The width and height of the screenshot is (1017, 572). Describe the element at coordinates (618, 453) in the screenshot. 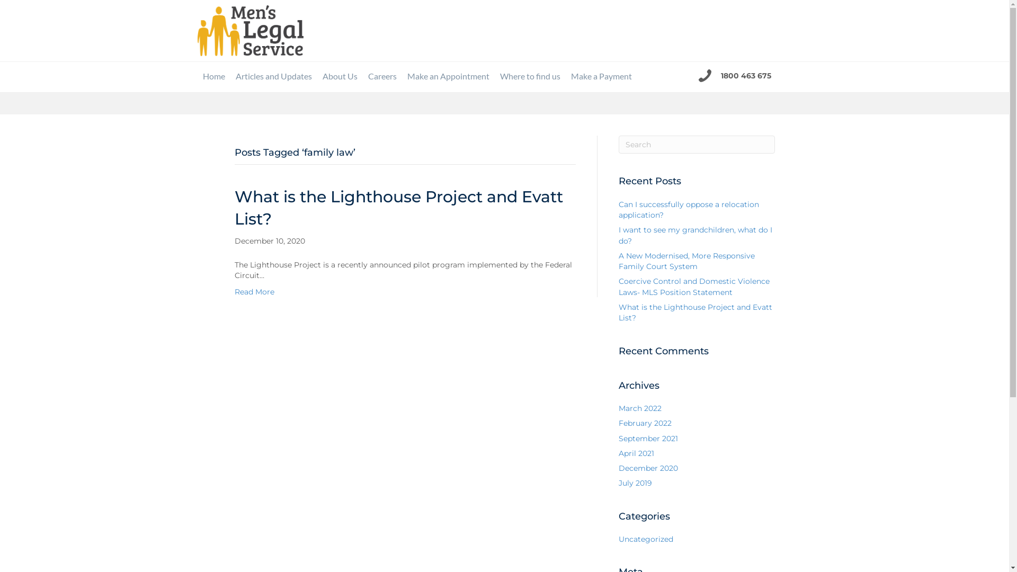

I see `'April 2021'` at that location.